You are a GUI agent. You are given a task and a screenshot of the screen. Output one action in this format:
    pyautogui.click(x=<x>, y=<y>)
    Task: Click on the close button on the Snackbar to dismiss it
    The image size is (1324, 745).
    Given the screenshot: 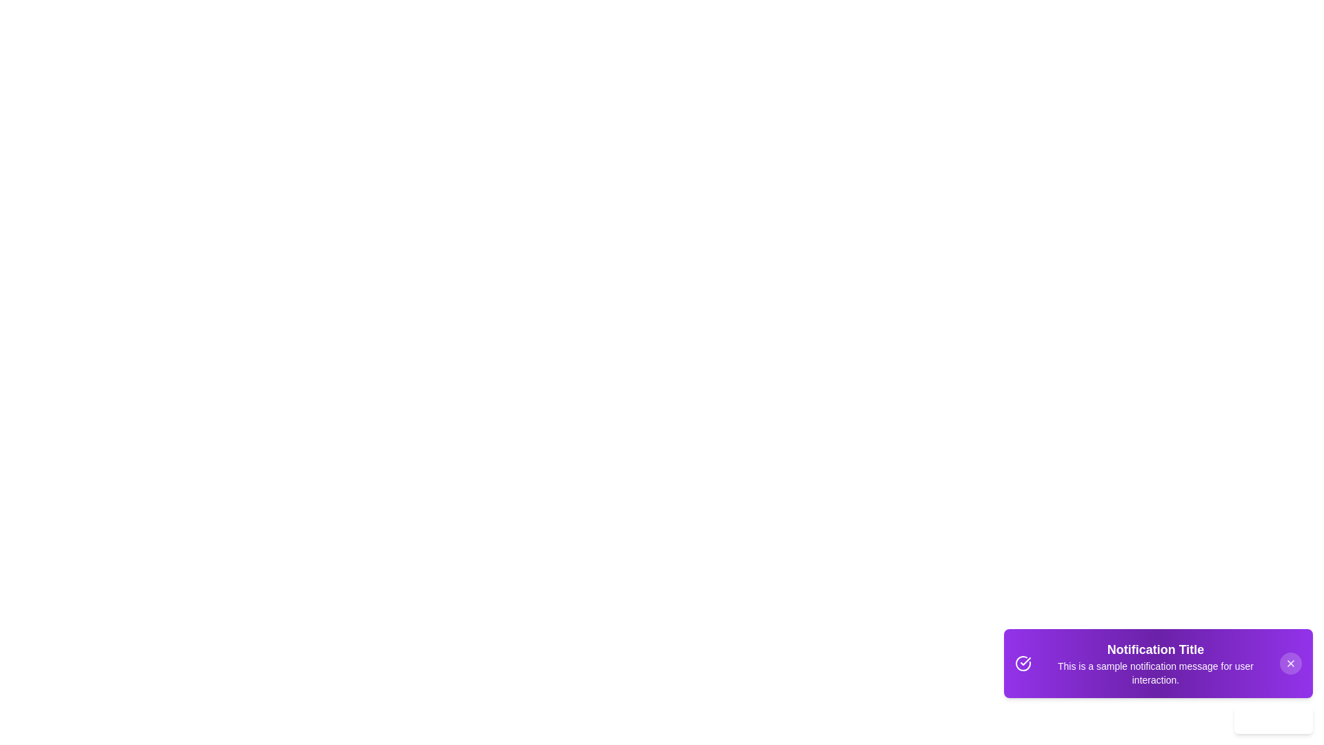 What is the action you would take?
    pyautogui.click(x=1290, y=662)
    